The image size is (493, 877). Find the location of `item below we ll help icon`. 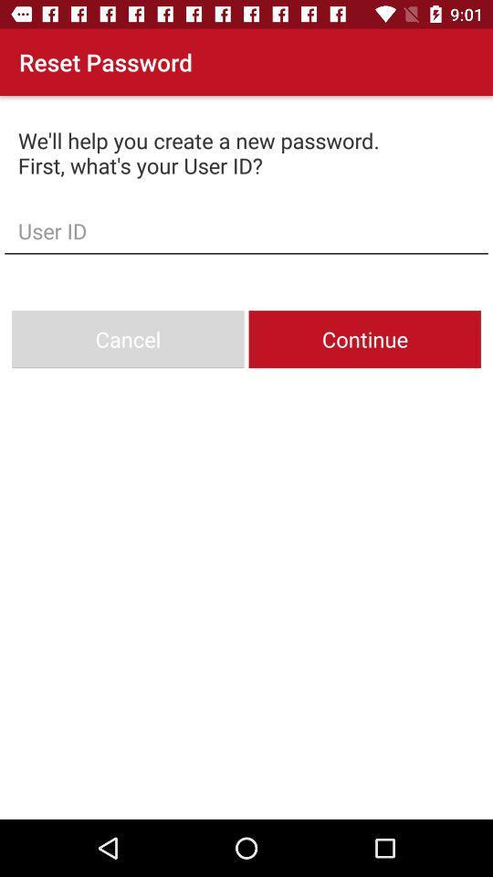

item below we ll help icon is located at coordinates (246, 229).